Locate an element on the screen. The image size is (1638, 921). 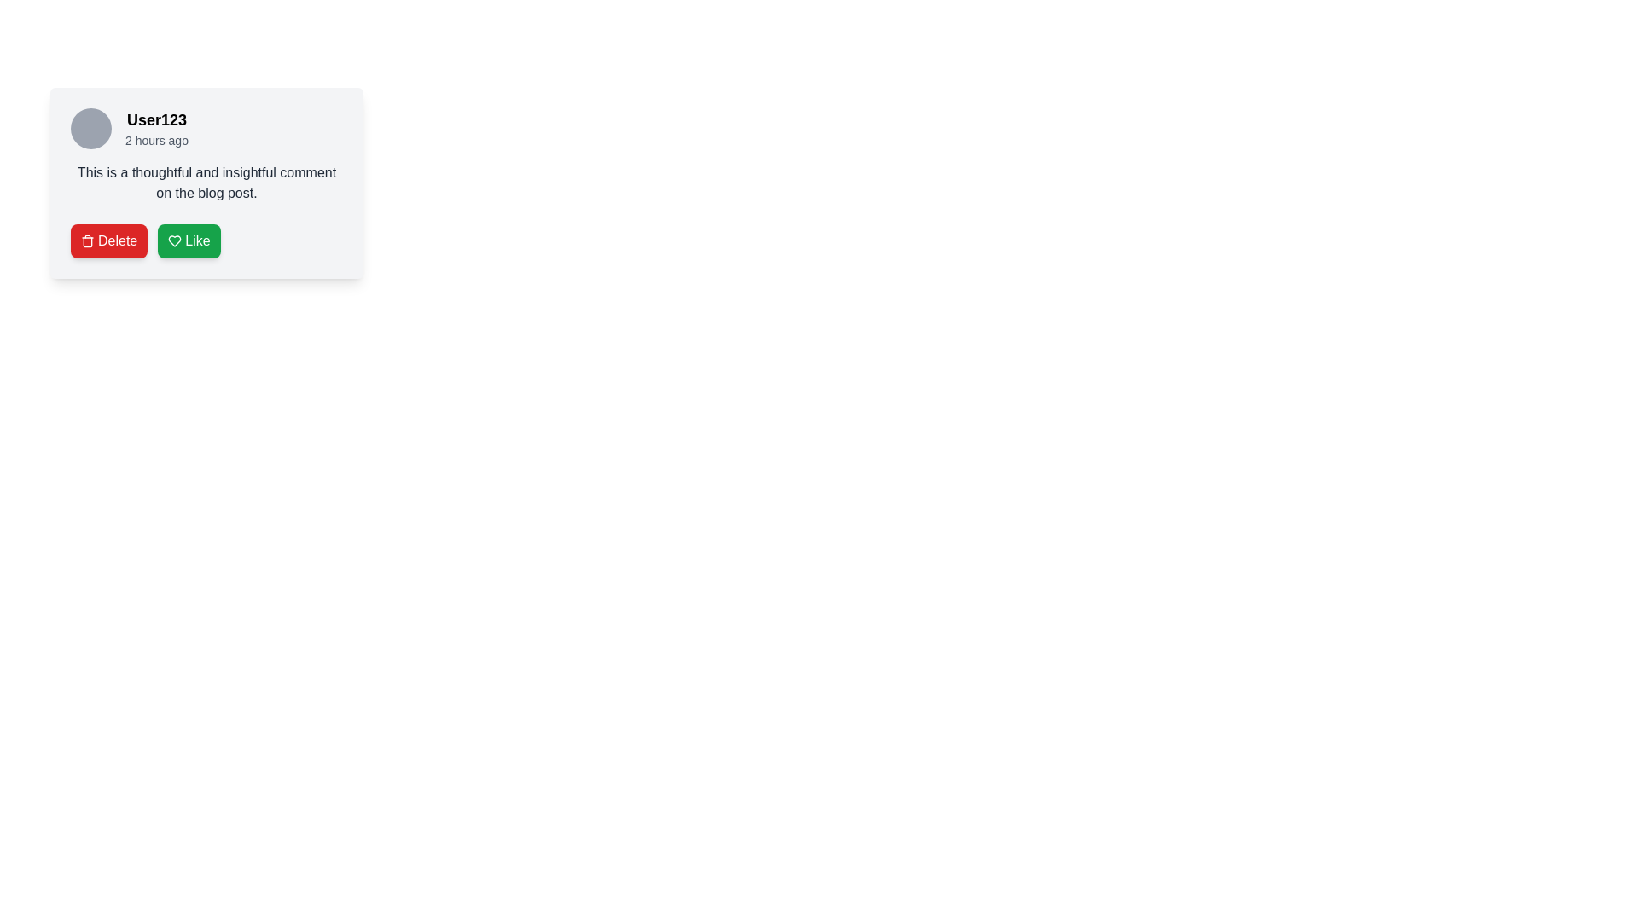
the 'like' icon located in the bottom right corner of the user comment card is located at coordinates (175, 240).